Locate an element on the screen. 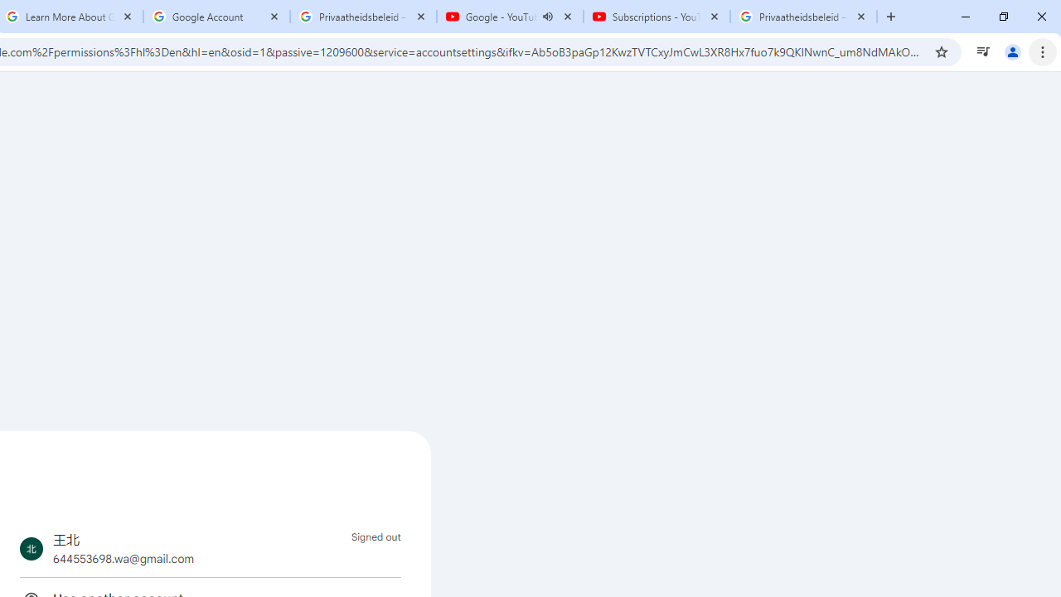 The image size is (1061, 597). 'Subscriptions - YouTube' is located at coordinates (656, 17).